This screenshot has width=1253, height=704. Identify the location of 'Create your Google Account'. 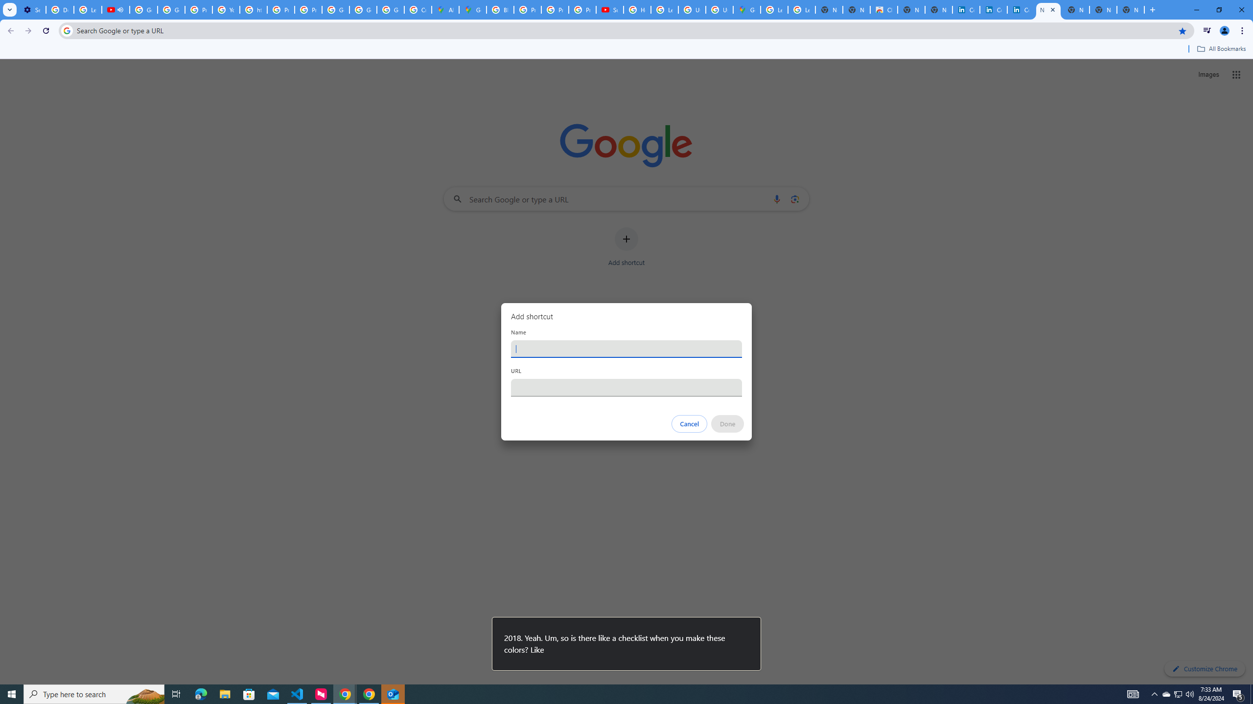
(417, 9).